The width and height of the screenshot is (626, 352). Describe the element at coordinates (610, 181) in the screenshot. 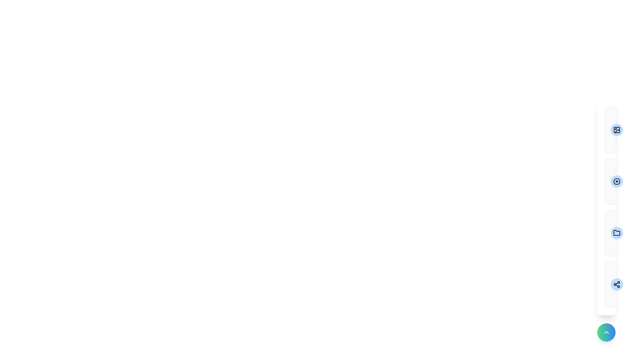

I see `the menu item labeled Add Photo to preview its description` at that location.